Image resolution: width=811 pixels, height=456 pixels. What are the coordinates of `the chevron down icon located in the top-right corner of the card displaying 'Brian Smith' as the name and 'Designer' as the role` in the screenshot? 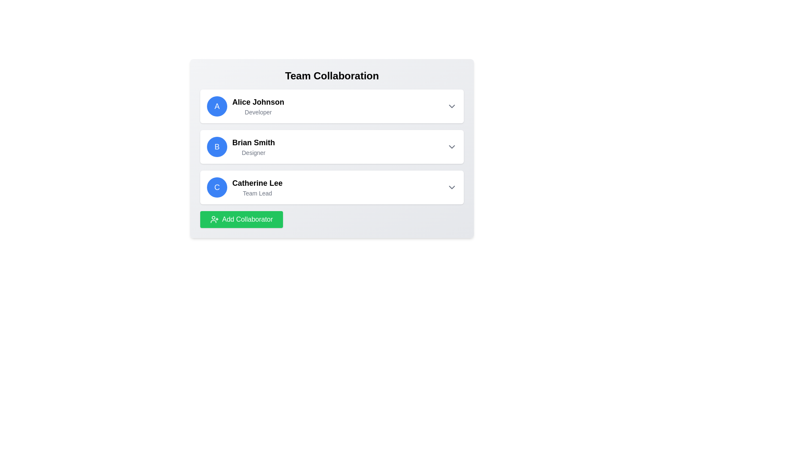 It's located at (452, 146).